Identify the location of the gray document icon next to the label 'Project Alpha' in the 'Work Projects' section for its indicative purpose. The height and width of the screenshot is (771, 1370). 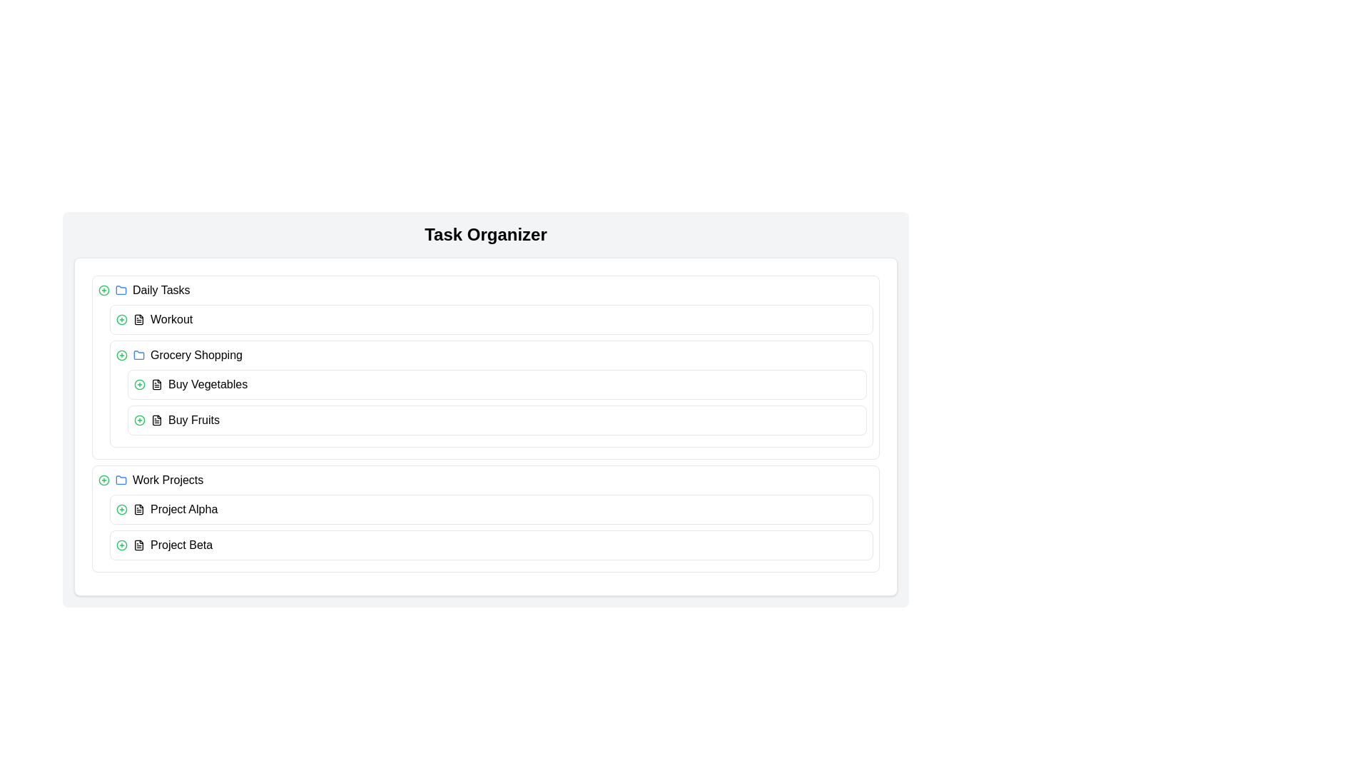
(139, 508).